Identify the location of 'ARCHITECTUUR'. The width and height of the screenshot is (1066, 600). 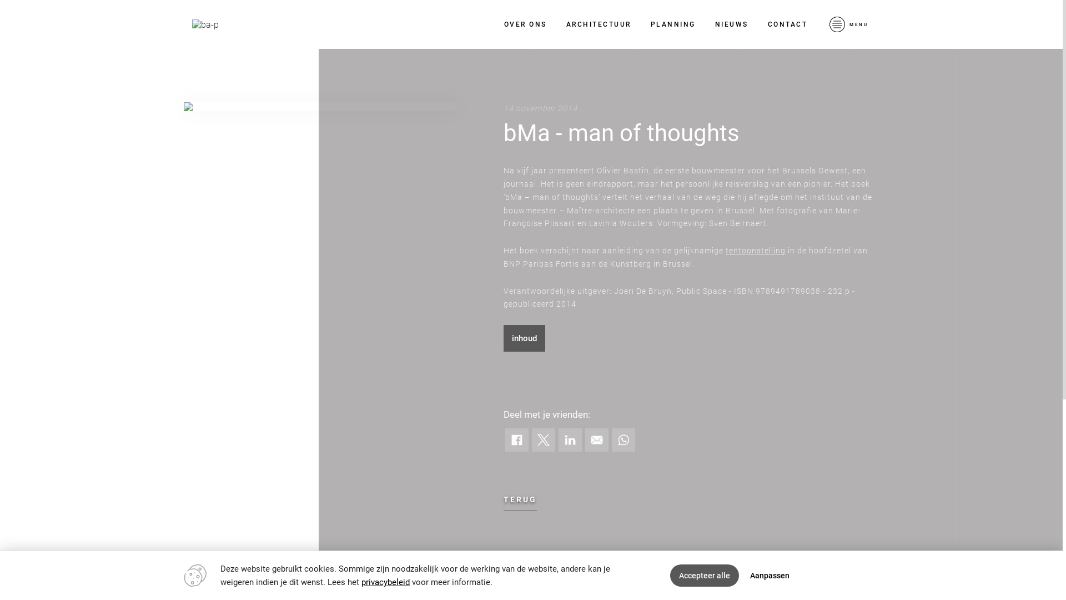
(598, 24).